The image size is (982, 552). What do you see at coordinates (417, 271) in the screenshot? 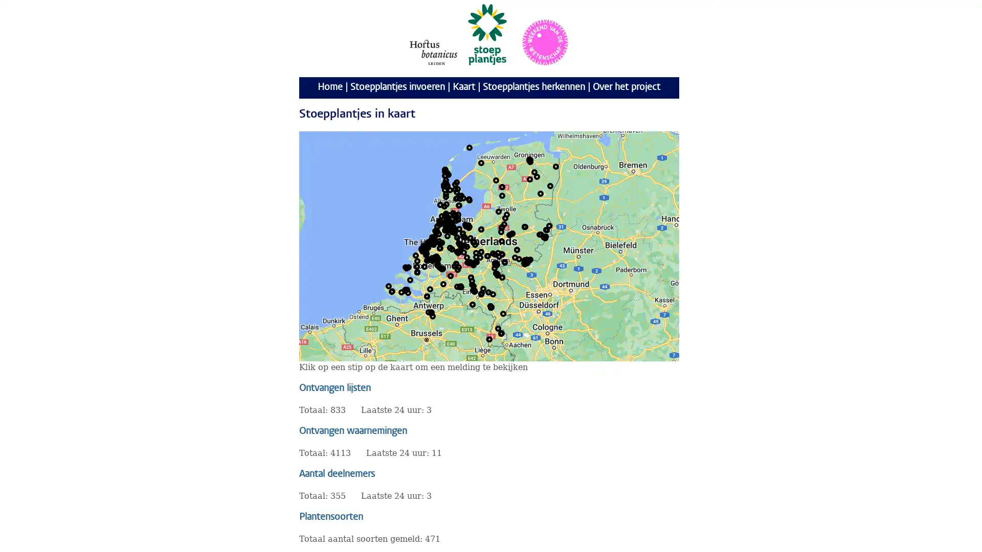
I see `Telling van Ilse op 03 juni 2022` at bounding box center [417, 271].